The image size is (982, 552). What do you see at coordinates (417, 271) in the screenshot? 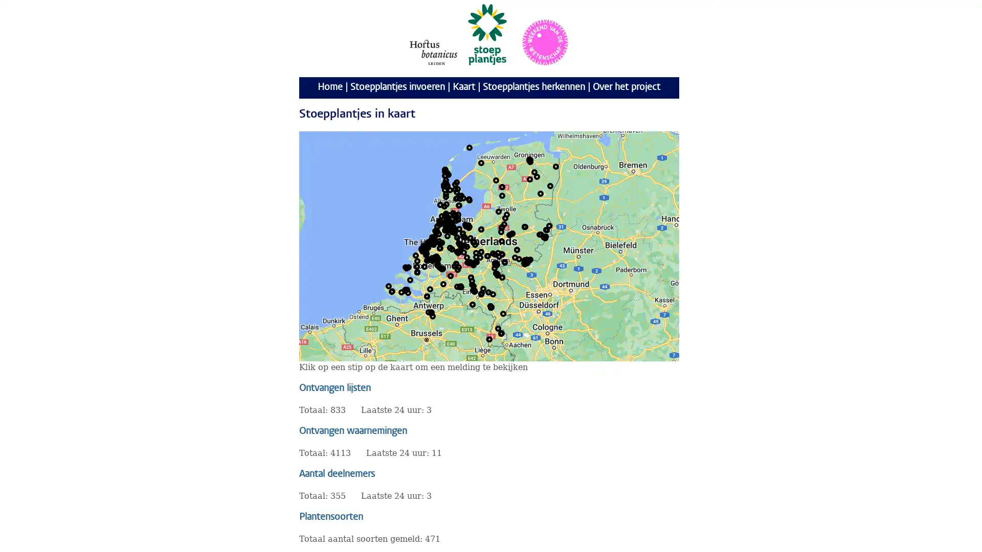
I see `Telling van Ilse op 03 juni 2022` at bounding box center [417, 271].